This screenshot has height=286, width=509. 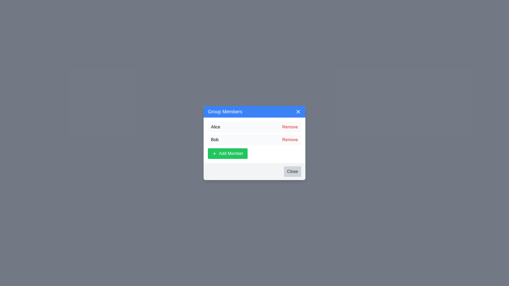 I want to click on the plus icon located within the 'Add Member' button, which is styled as a minimalist plus sign and positioned to the left of the button's label, so click(x=214, y=153).